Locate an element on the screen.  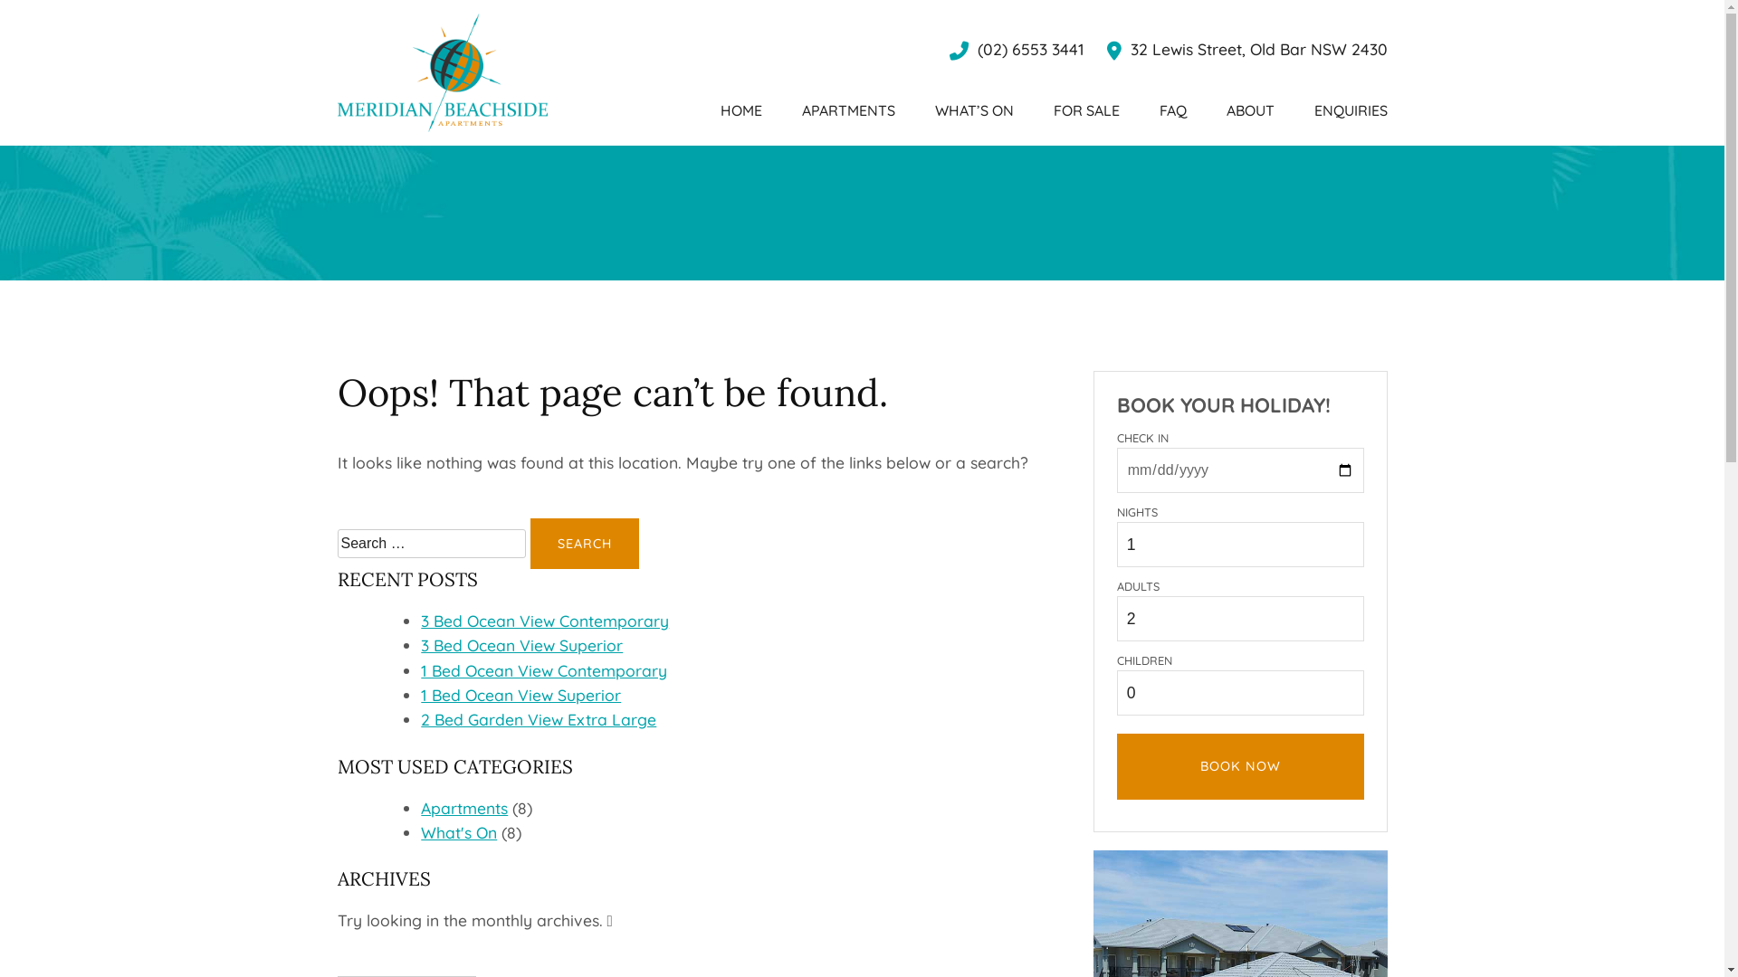
'ABOUT' is located at coordinates (1248, 110).